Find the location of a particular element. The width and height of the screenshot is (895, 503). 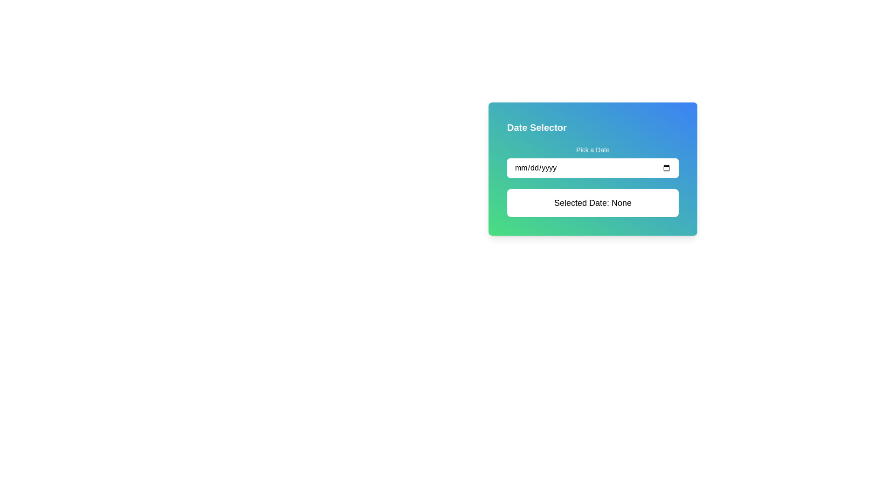

the prominently styled 'Date Selector' Static Text Label located at the top-left corner of the central panel is located at coordinates (537, 127).